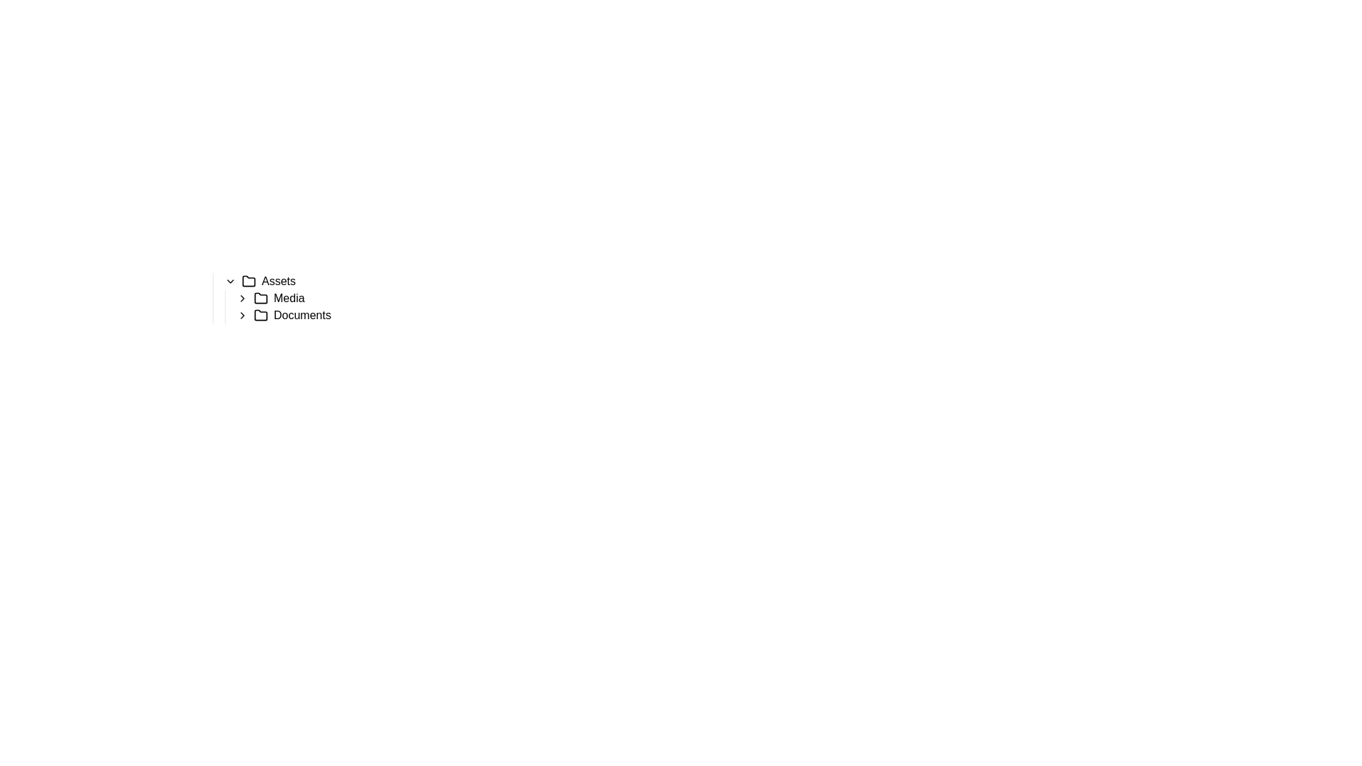  I want to click on the folder icon labeled 'Documents', so click(261, 313).